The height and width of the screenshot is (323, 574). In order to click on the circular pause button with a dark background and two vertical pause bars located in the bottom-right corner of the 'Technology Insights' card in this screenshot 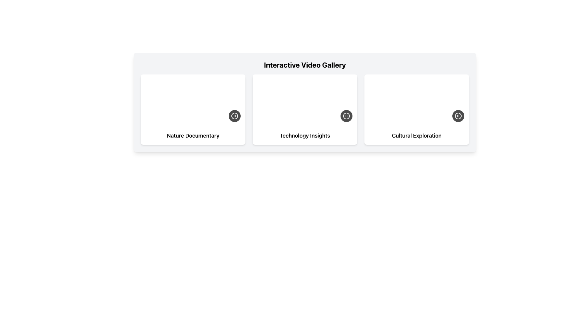, I will do `click(346, 116)`.